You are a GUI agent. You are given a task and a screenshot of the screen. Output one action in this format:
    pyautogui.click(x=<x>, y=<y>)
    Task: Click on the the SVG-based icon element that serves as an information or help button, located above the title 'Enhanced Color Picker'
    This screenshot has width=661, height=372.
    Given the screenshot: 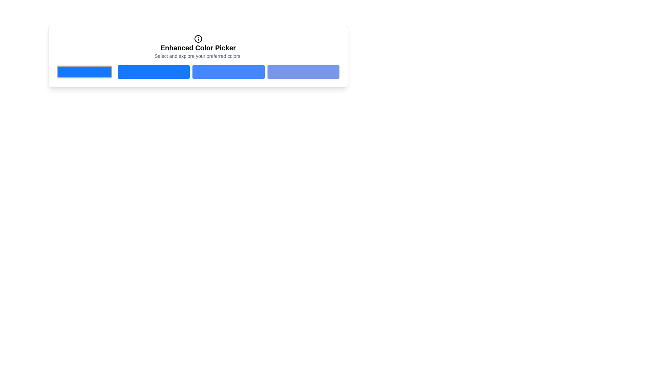 What is the action you would take?
    pyautogui.click(x=198, y=39)
    